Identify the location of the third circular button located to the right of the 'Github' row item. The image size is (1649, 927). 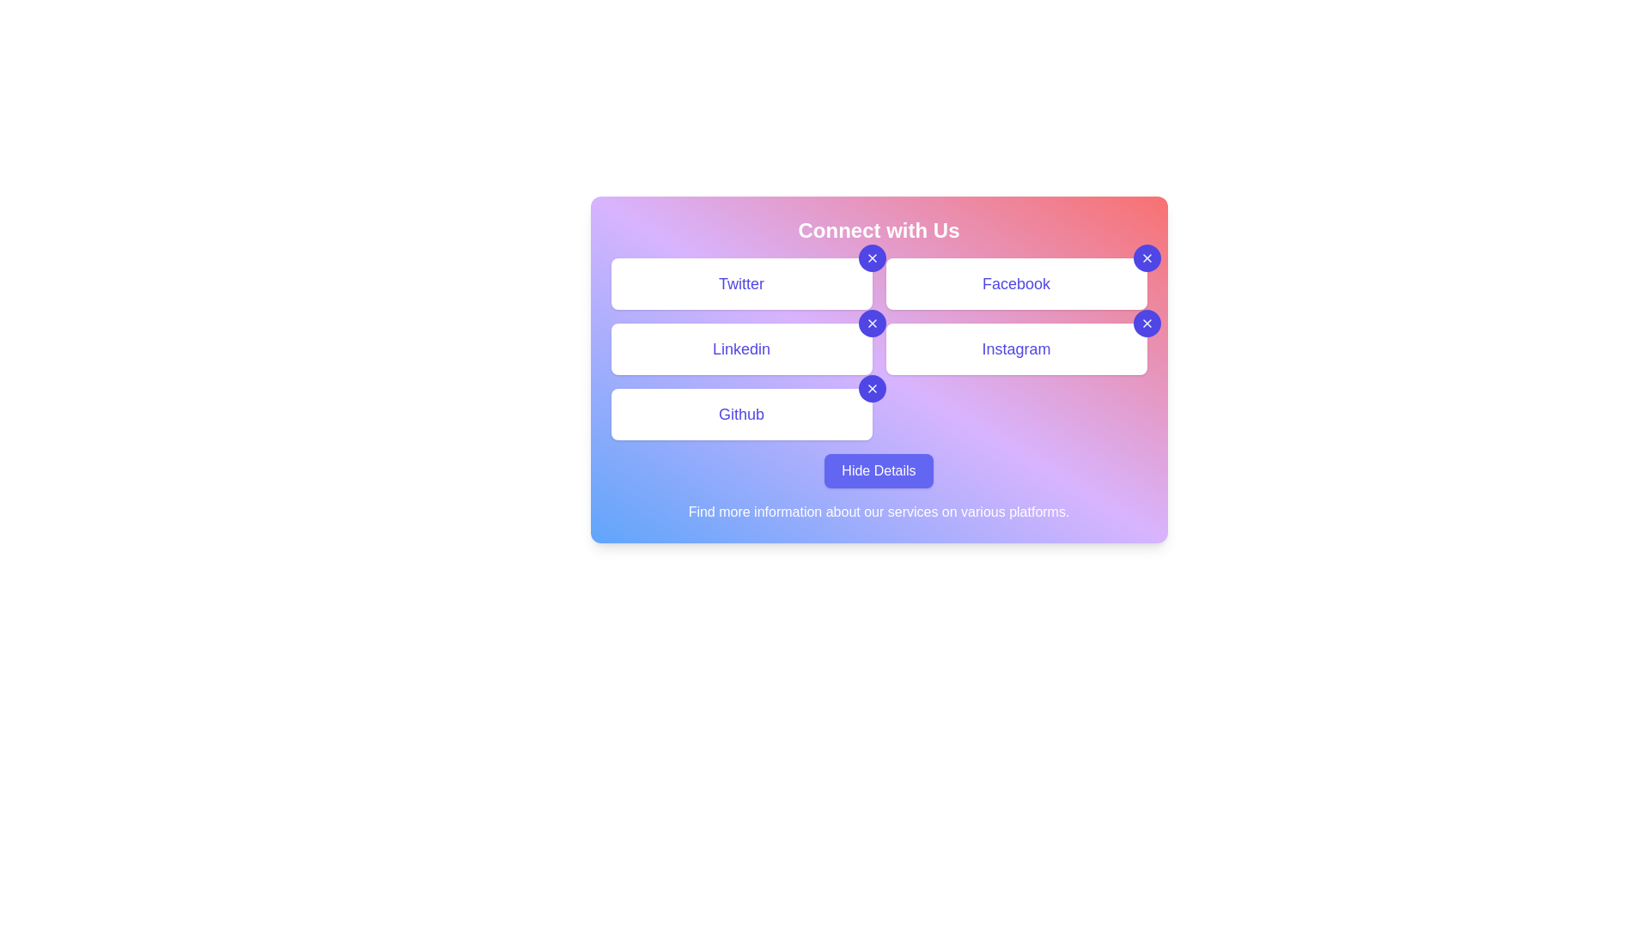
(872, 388).